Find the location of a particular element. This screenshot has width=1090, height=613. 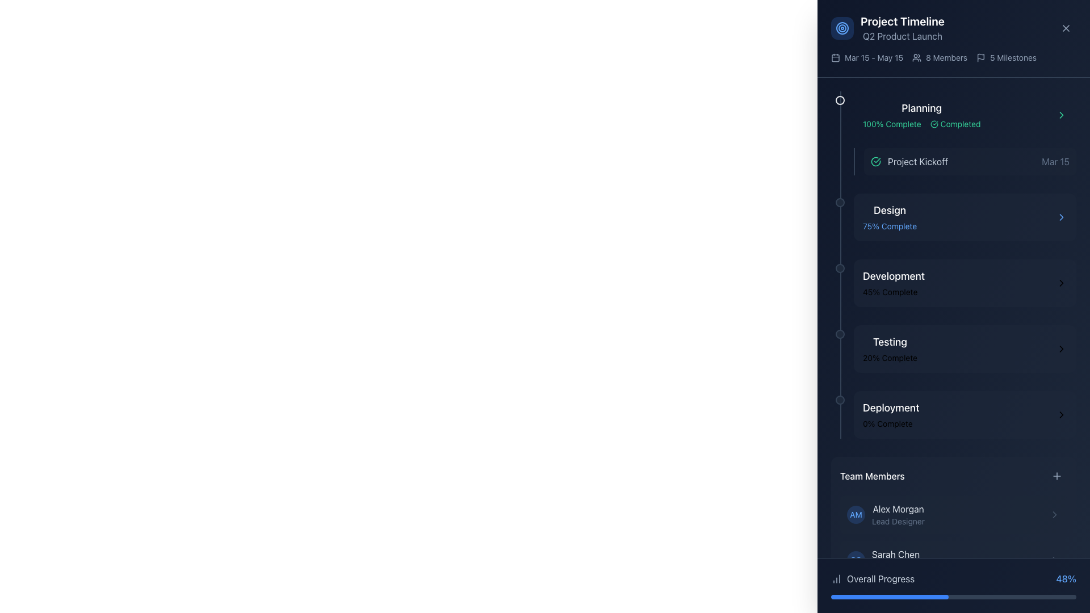

the text label representing the name of a team member located is located at coordinates (895, 553).